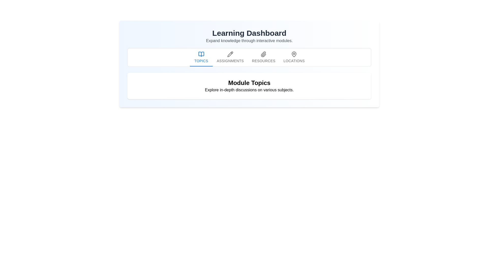 The height and width of the screenshot is (274, 488). Describe the element at coordinates (294, 57) in the screenshot. I see `the fourth tab in the horizontal navigation bar` at that location.